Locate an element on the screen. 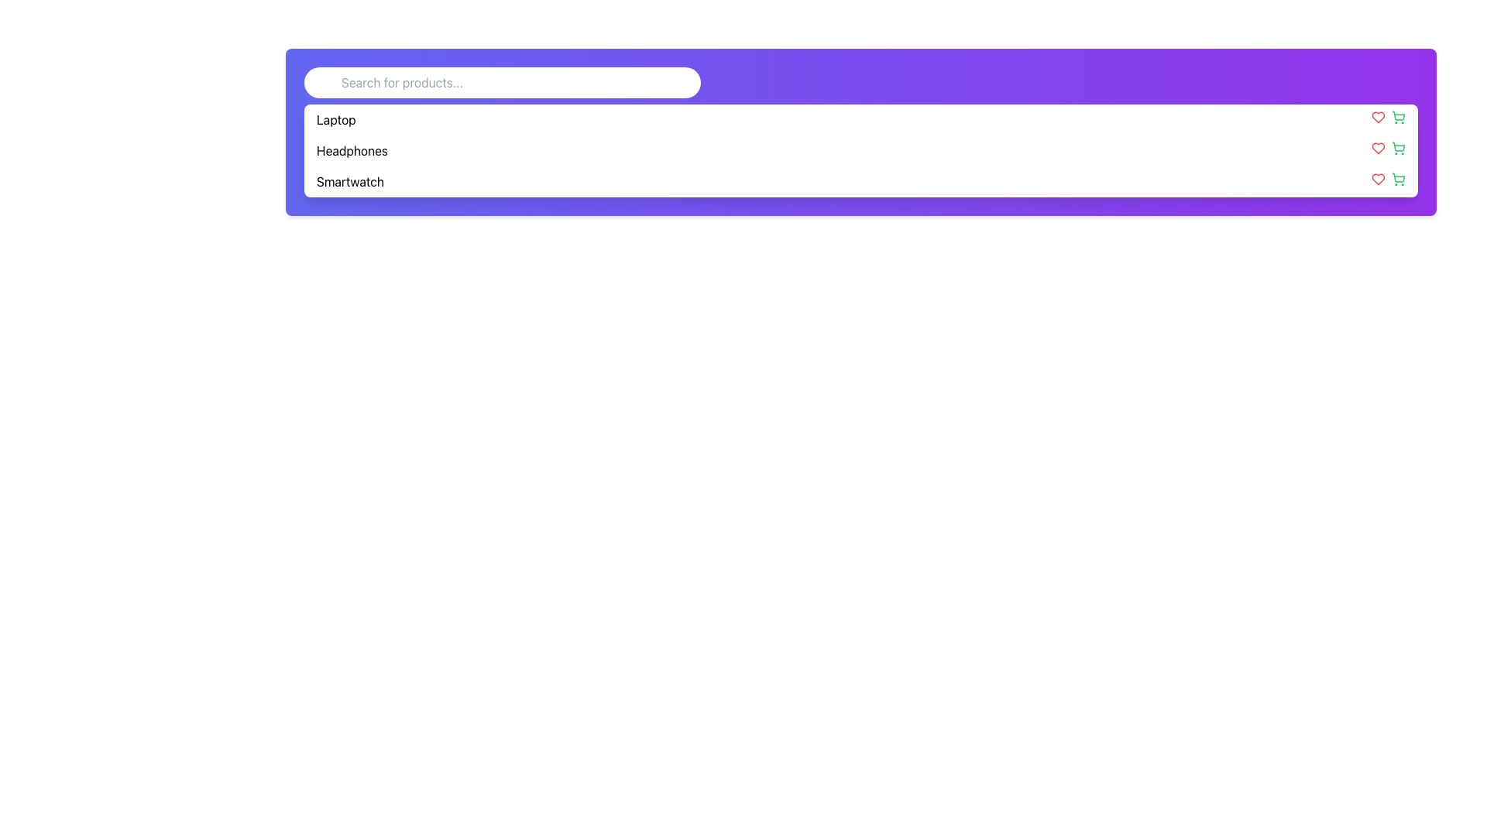  the green shopping cart icon is located at coordinates (1389, 118).